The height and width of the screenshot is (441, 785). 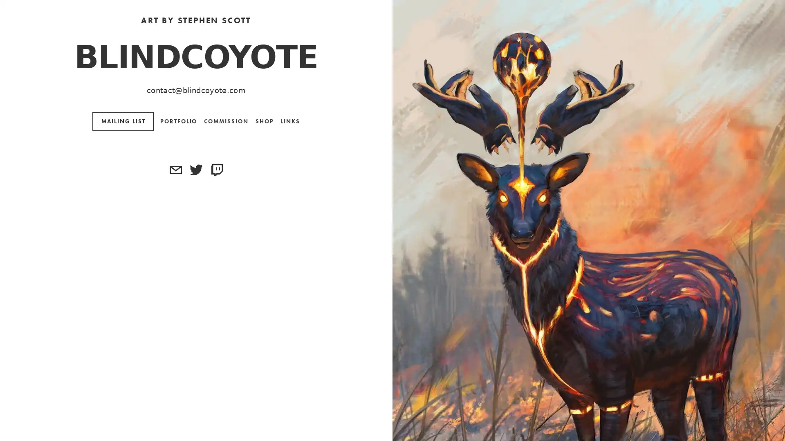 What do you see at coordinates (499, 73) in the screenshot?
I see `Close` at bounding box center [499, 73].